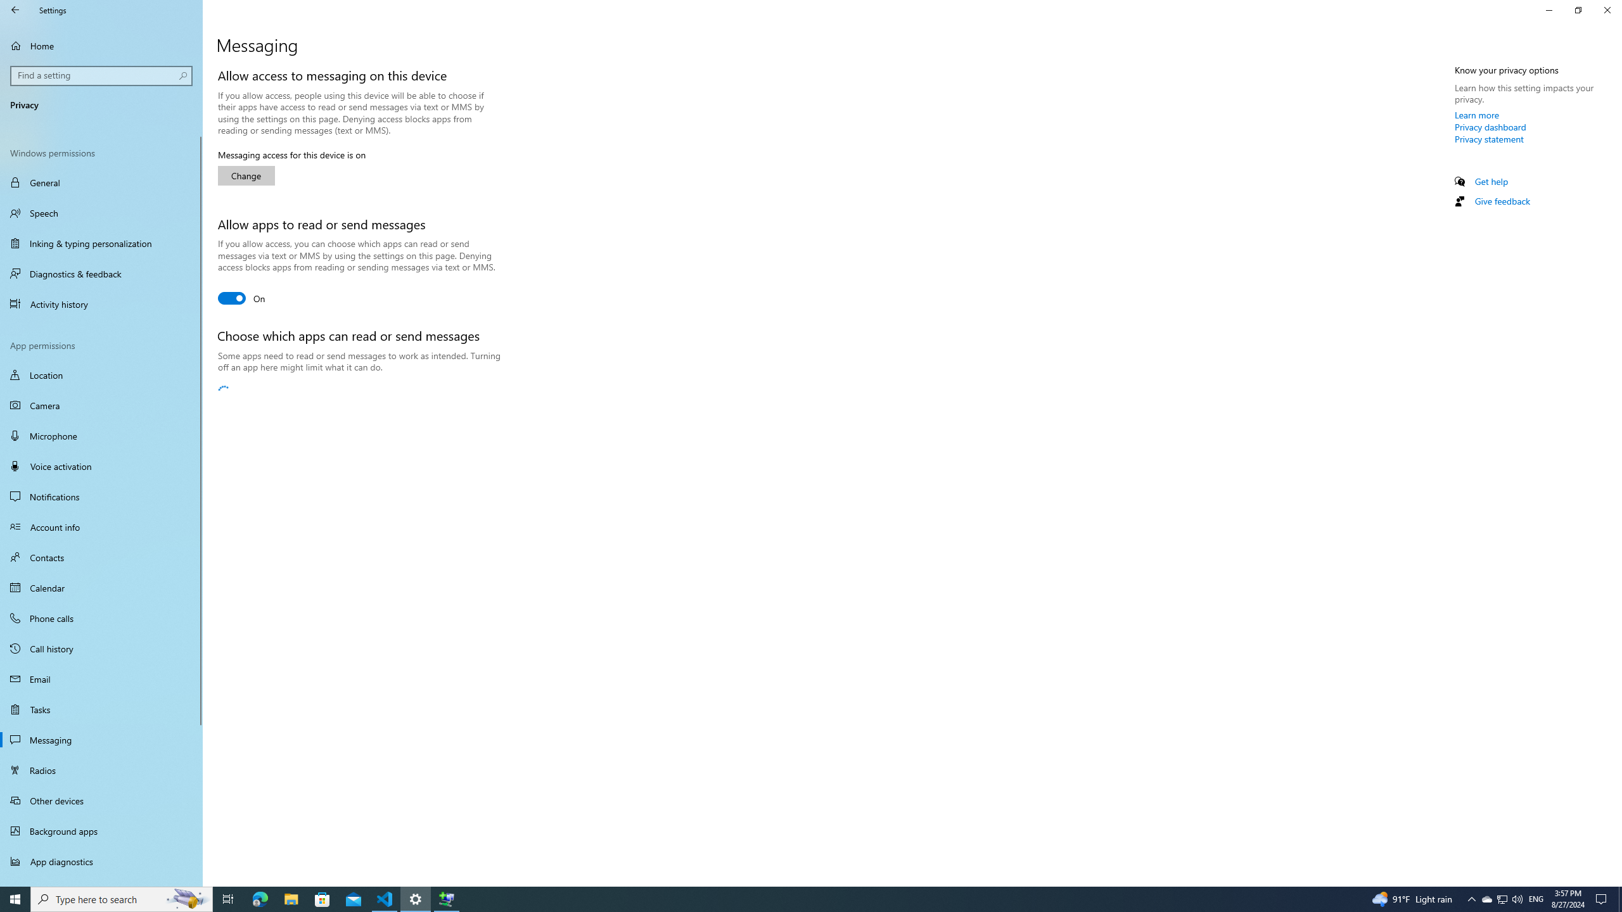 The width and height of the screenshot is (1622, 912). What do you see at coordinates (1477, 114) in the screenshot?
I see `'Learn more'` at bounding box center [1477, 114].